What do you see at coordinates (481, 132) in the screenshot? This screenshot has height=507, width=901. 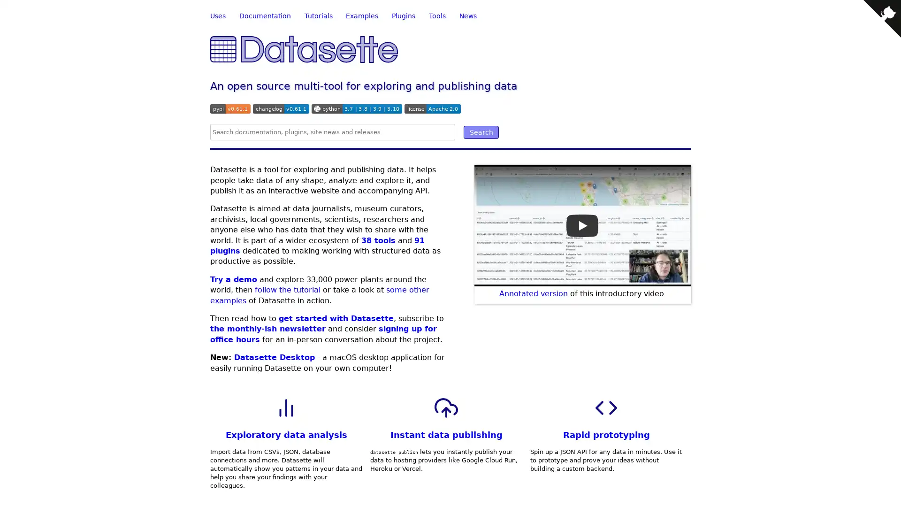 I see `Search` at bounding box center [481, 132].